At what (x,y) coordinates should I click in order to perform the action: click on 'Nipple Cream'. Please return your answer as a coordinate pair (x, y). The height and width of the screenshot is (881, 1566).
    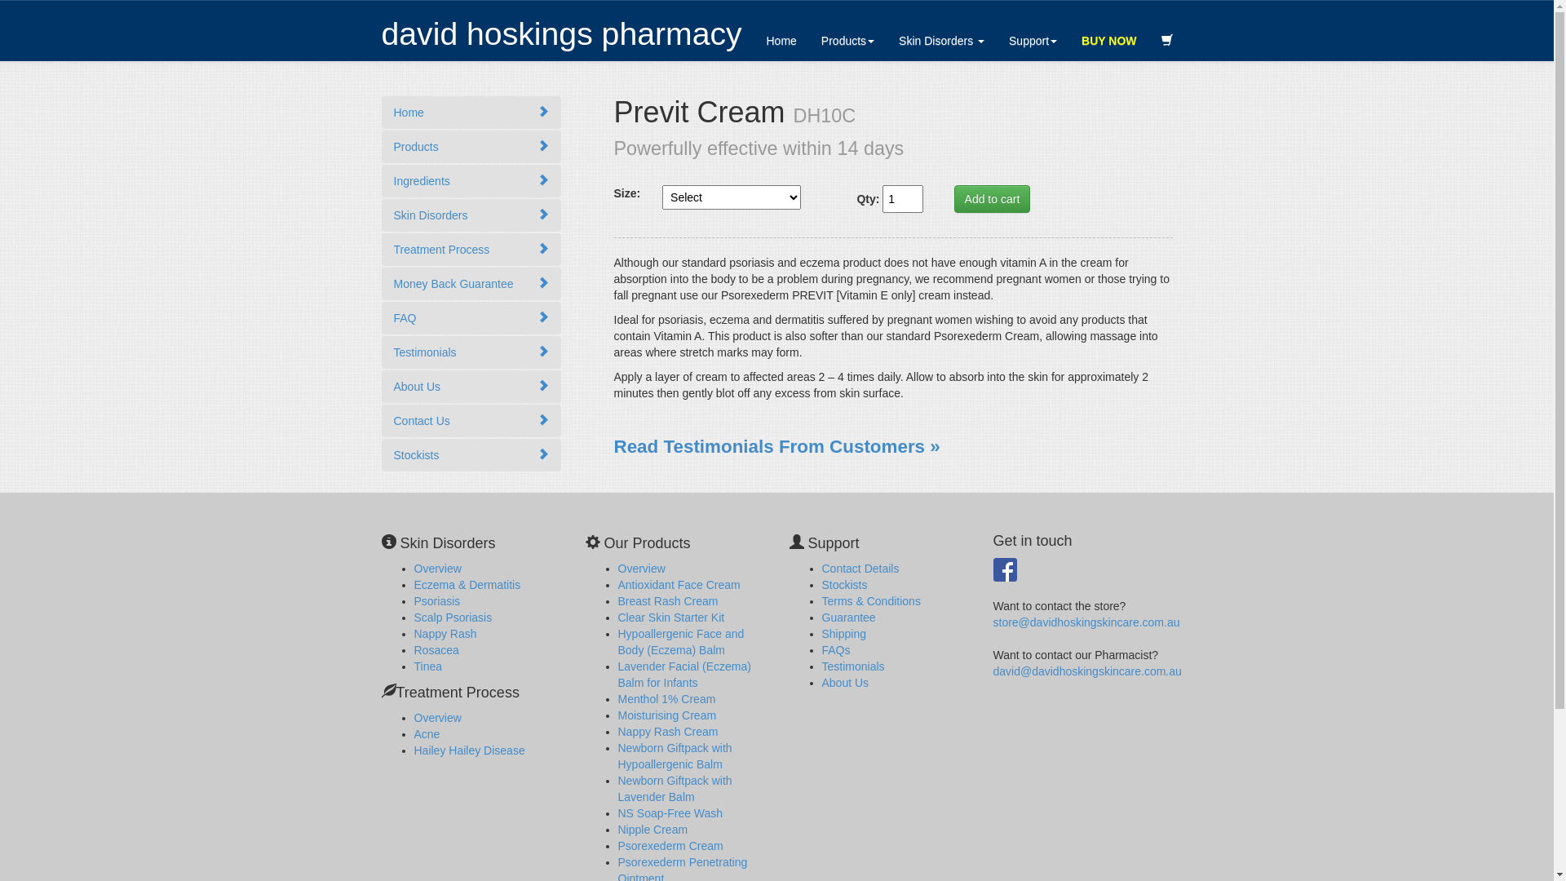
    Looking at the image, I should click on (653, 830).